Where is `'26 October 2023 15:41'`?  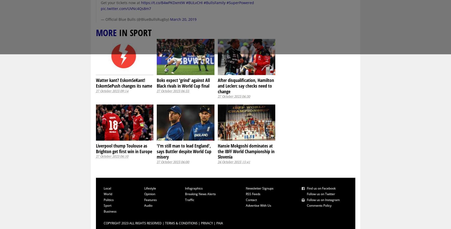
'26 October 2023 15:41' is located at coordinates (234, 162).